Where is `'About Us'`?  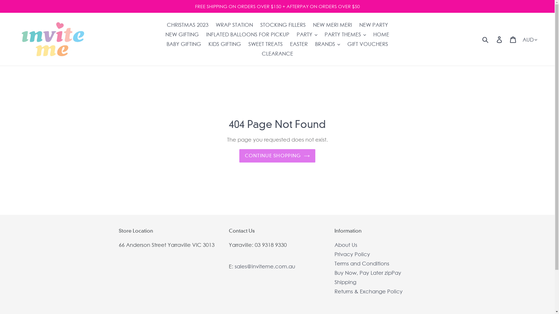 'About Us' is located at coordinates (346, 245).